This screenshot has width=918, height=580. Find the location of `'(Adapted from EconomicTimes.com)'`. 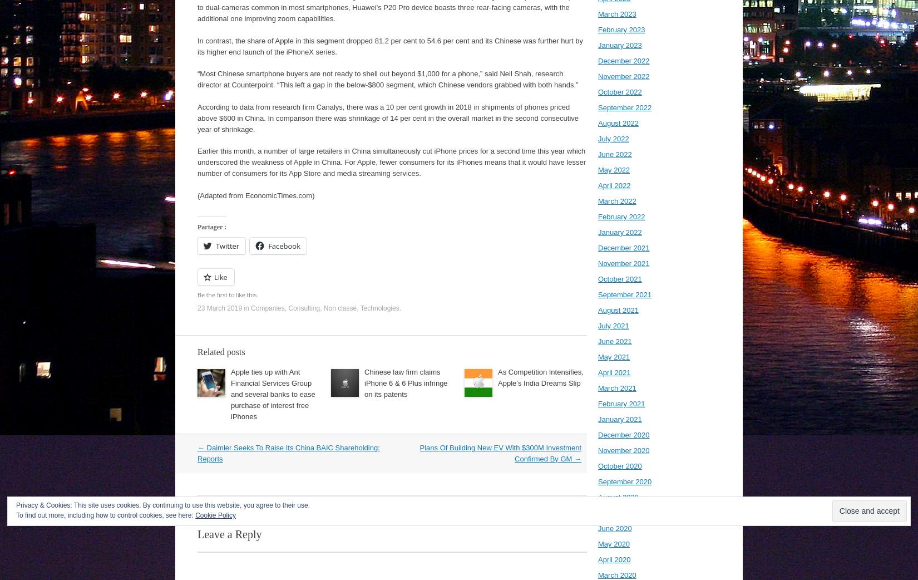

'(Adapted from EconomicTimes.com)' is located at coordinates (198, 194).